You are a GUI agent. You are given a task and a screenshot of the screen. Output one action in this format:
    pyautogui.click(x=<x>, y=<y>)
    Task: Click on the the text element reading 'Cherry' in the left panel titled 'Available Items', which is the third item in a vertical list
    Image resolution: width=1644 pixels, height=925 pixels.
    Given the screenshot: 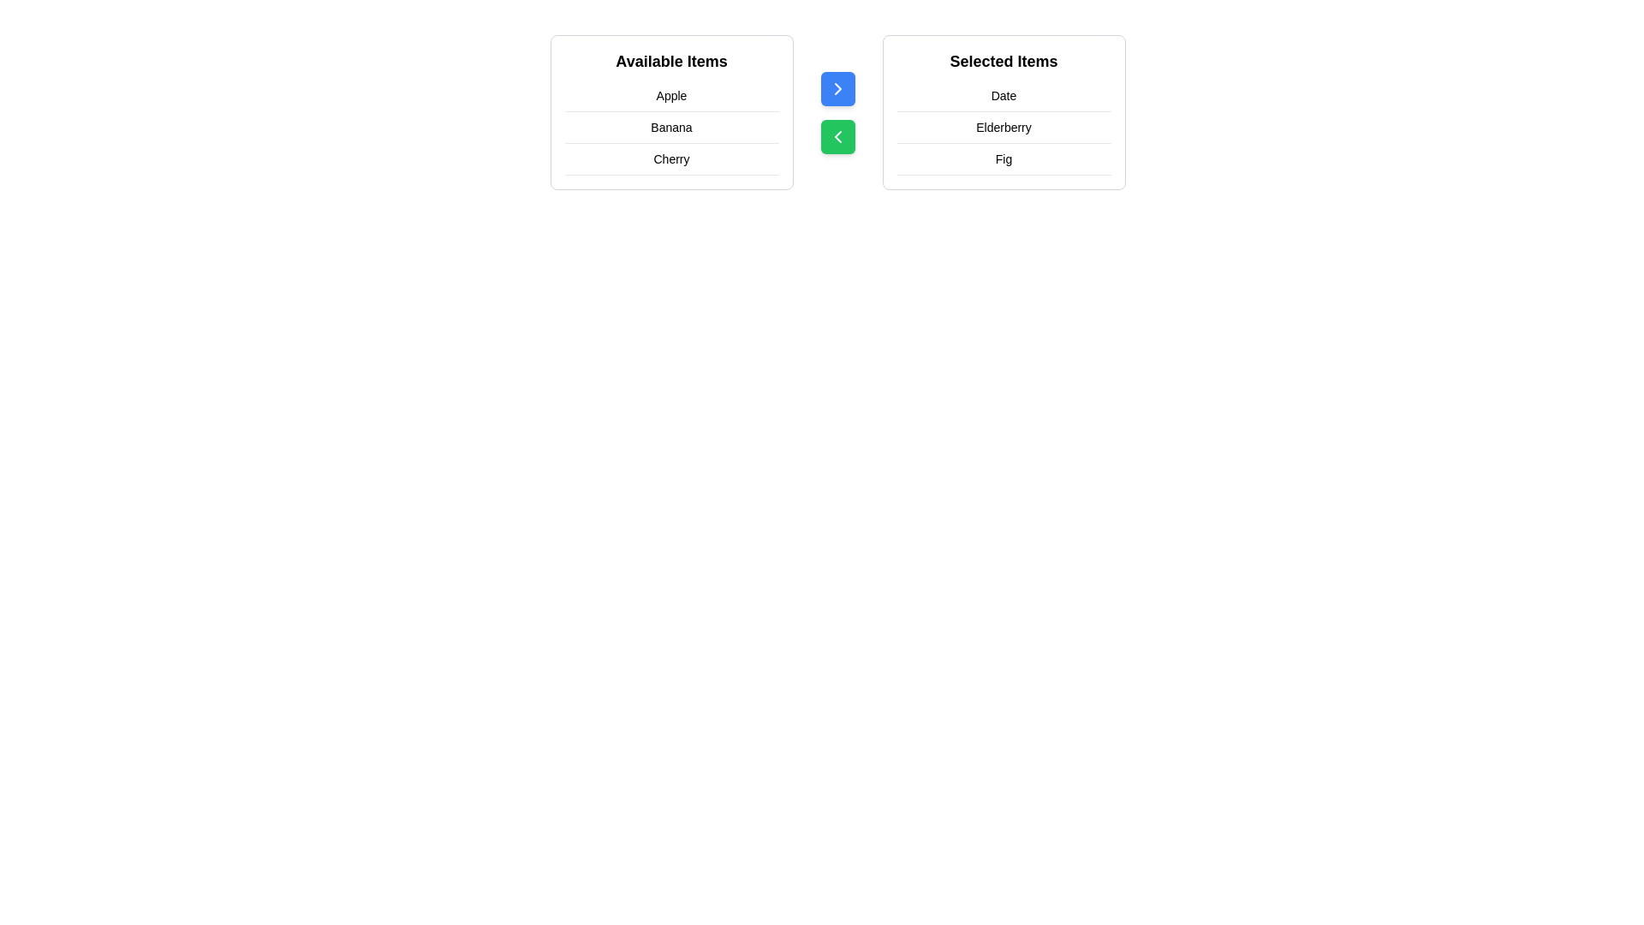 What is the action you would take?
    pyautogui.click(x=670, y=159)
    